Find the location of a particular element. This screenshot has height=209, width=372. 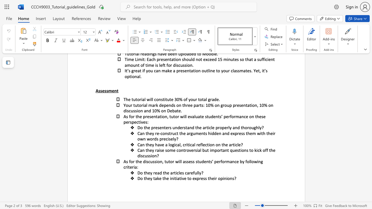

the subset text "kick off the discu" within the text "Can they raise some controversial but important questions to kick off the discussion?" is located at coordinates (254, 150).